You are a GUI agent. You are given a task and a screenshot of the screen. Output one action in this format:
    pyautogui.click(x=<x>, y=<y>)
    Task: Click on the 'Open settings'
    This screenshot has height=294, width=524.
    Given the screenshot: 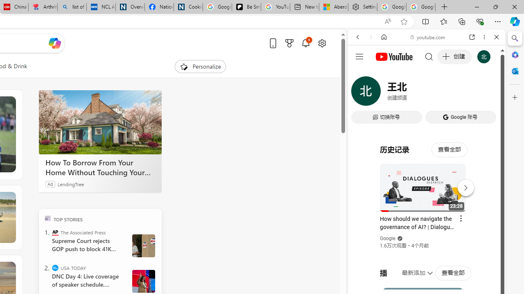 What is the action you would take?
    pyautogui.click(x=321, y=43)
    